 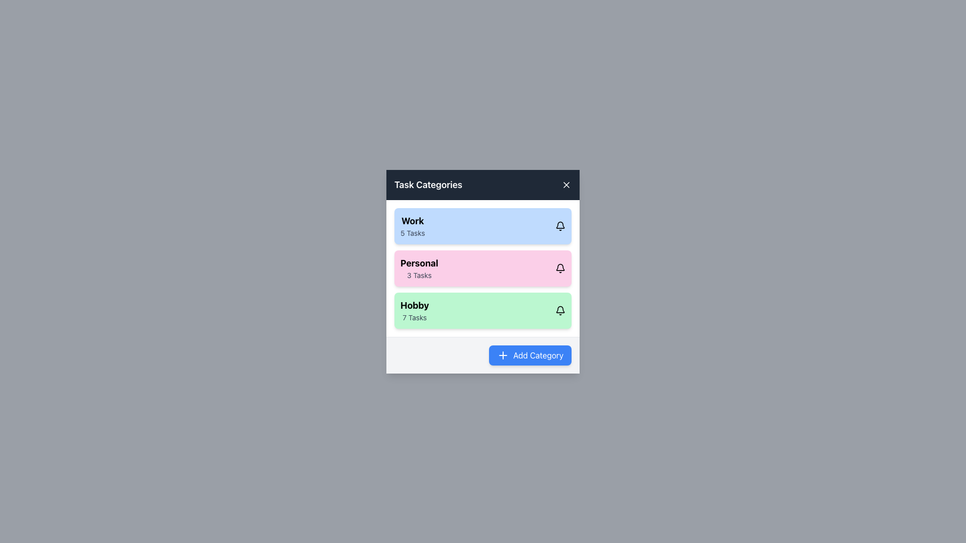 I want to click on the minimalistic bell icon located in the pink 'Personal' section, positioned towards the right edge, so click(x=559, y=266).